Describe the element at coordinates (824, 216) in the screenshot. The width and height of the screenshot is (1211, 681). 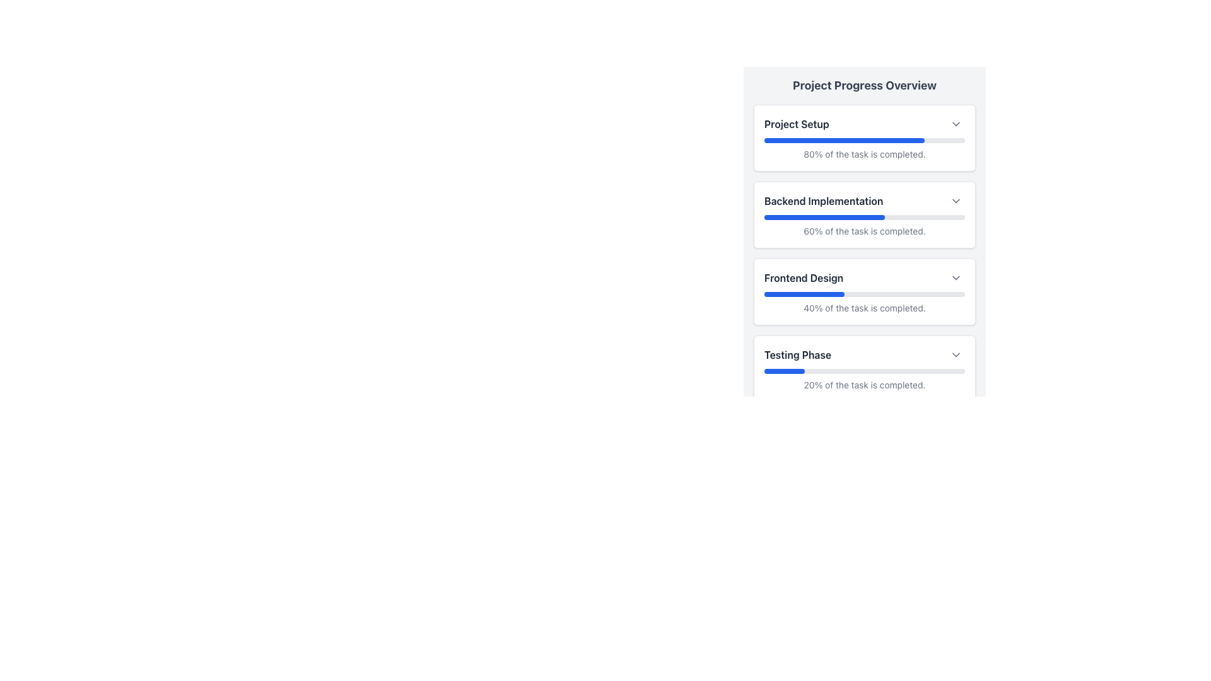
I see `the filled portion of the progress bar indicating 60% completion in the 'Backend Implementation' section, which is styled with a blue color and rounded edges` at that location.